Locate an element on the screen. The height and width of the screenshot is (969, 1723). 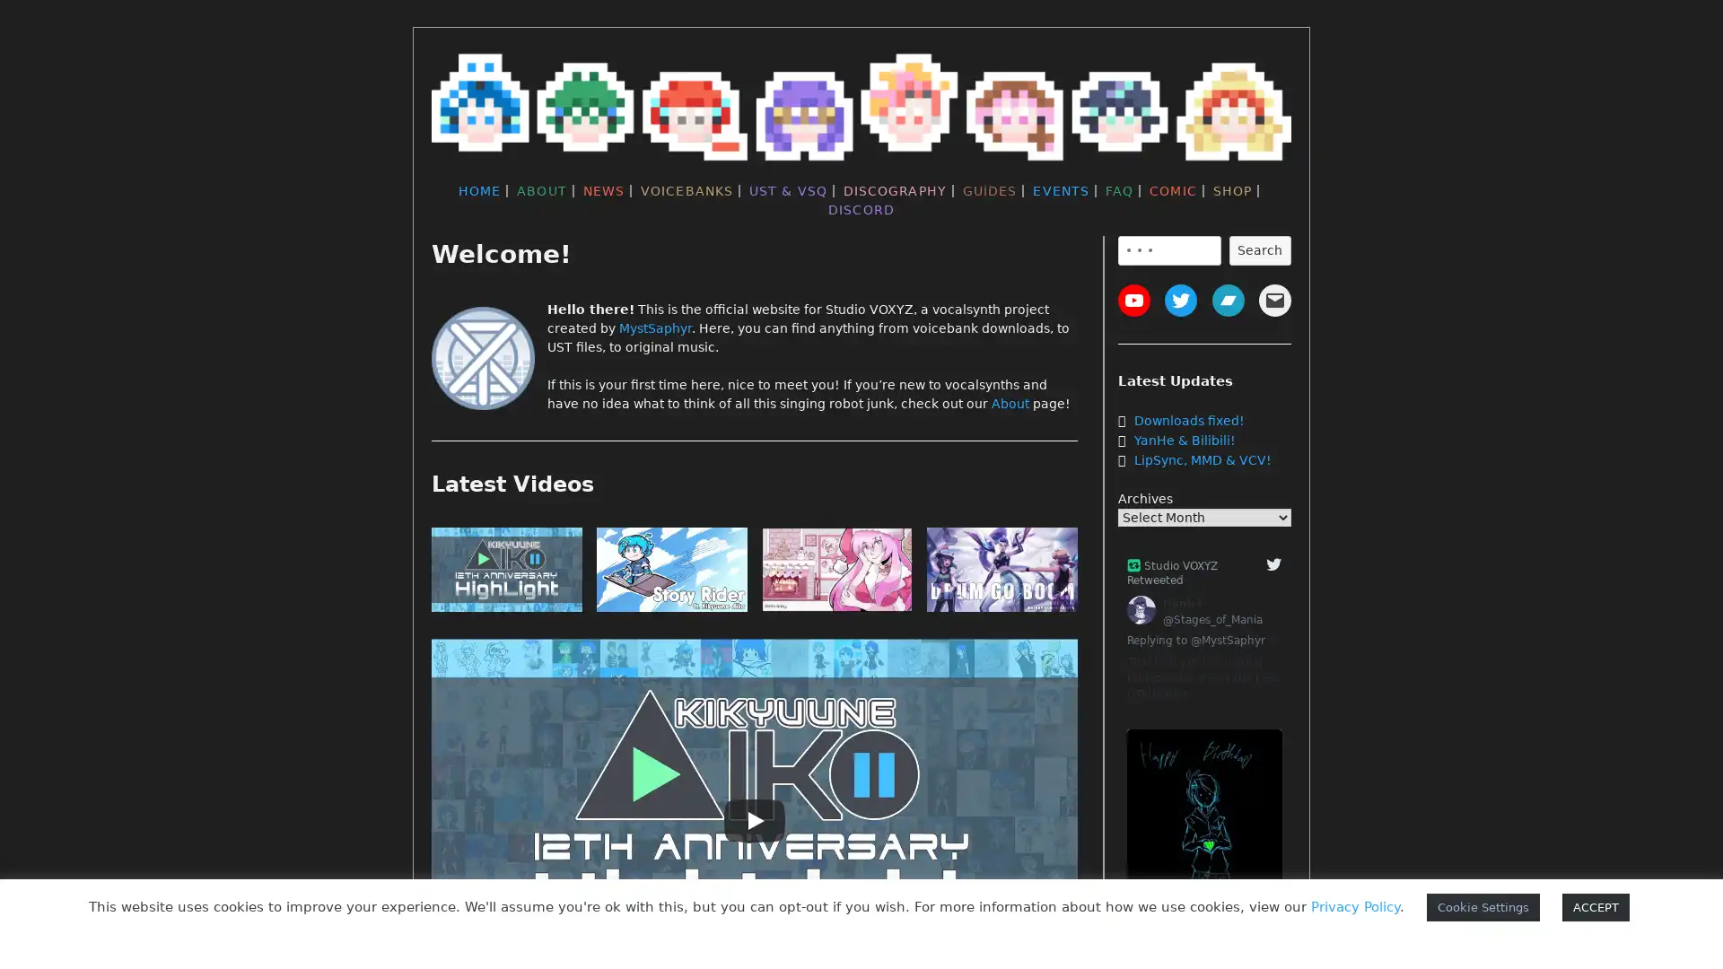
play is located at coordinates (506, 573).